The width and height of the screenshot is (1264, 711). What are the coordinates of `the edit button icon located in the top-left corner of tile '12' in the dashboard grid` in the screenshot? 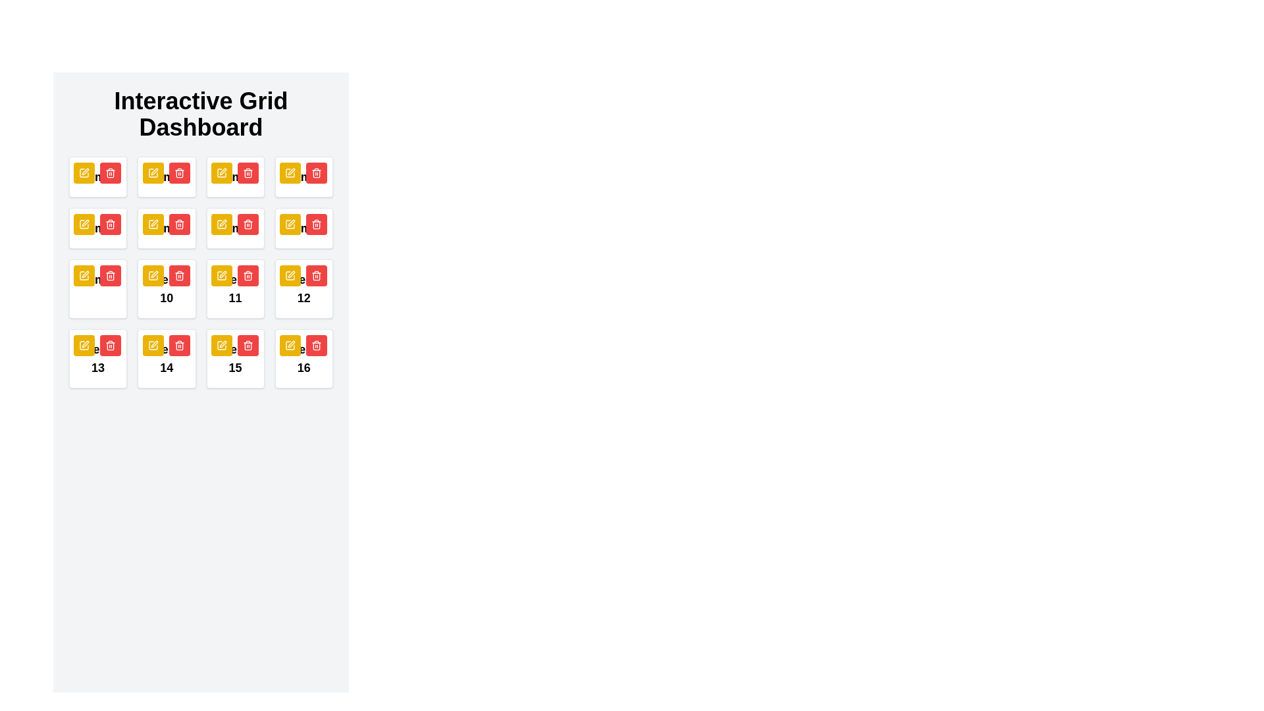 It's located at (290, 275).